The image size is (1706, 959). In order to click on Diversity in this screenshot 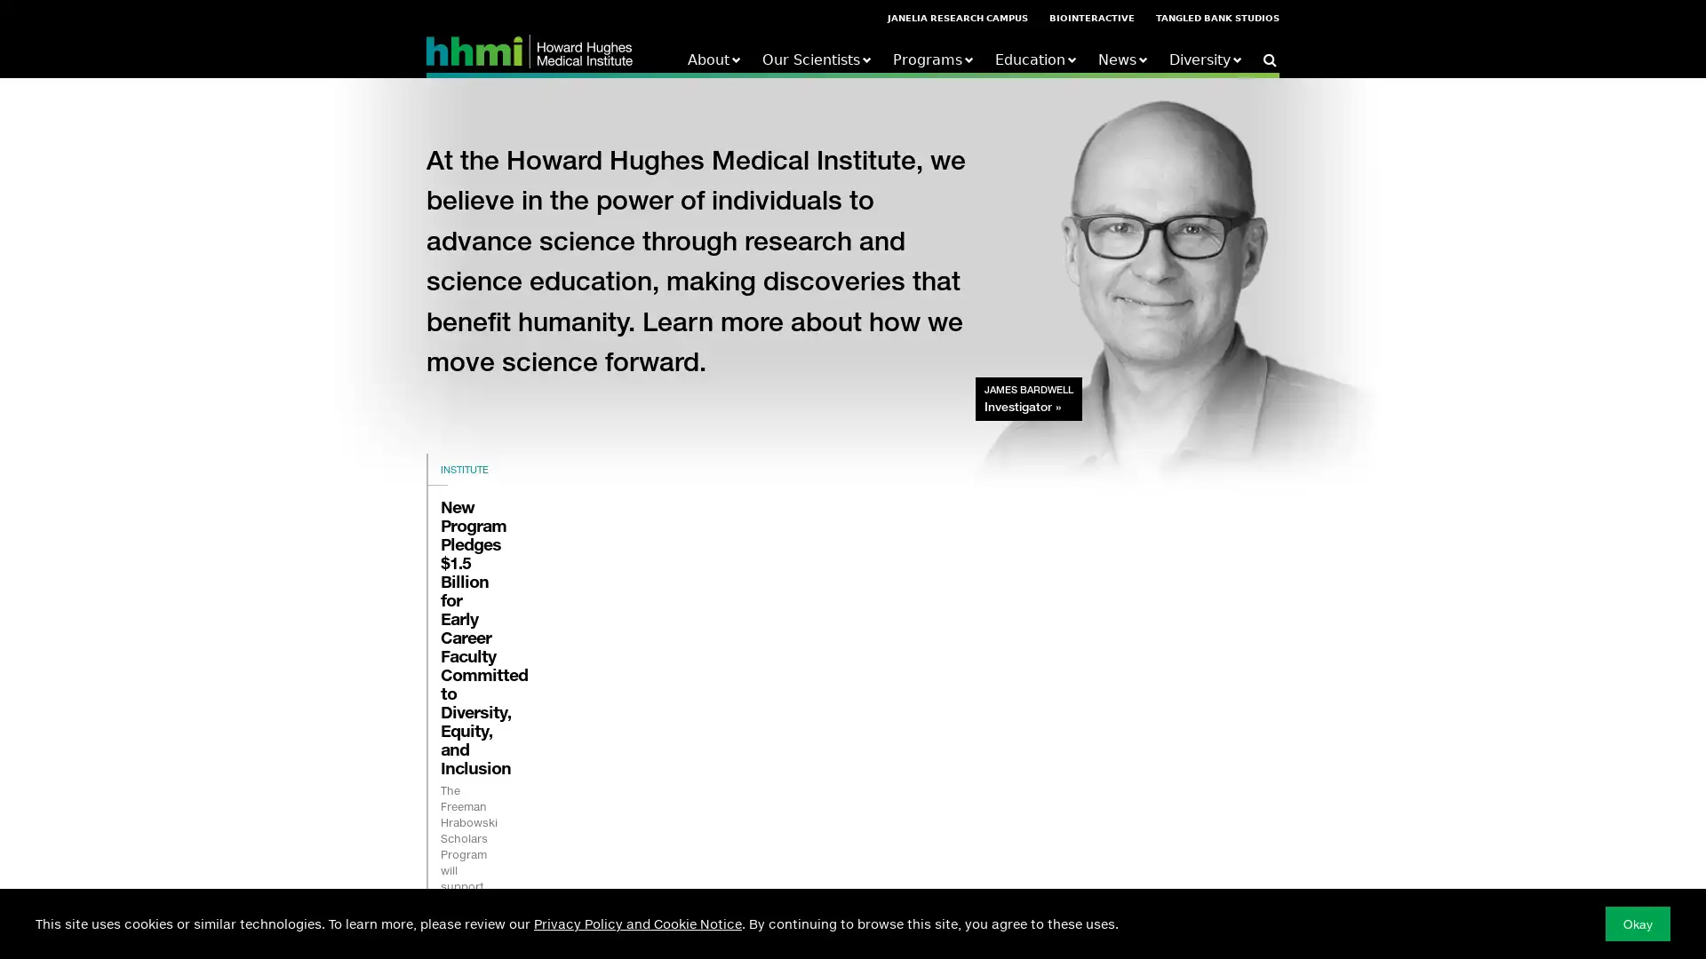, I will do `click(1206, 59)`.